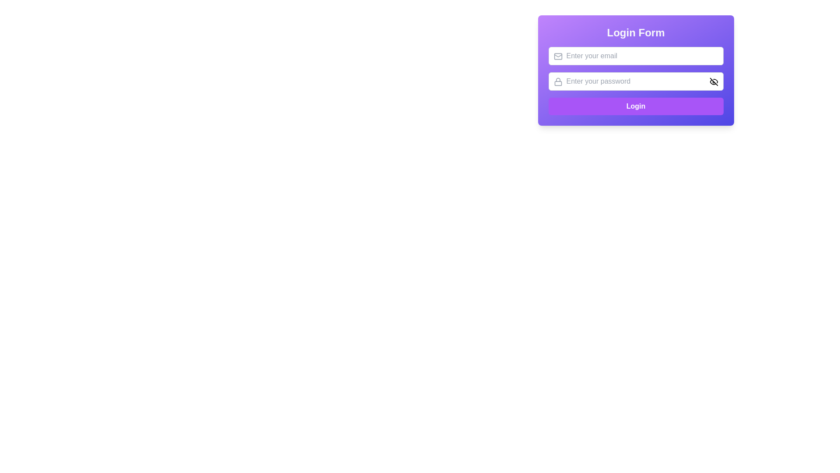 The image size is (840, 473). I want to click on the lock icon located inside the password input field, positioned on the left side near the placeholder text 'Enter your password' to indicate secure information entry, so click(557, 81).